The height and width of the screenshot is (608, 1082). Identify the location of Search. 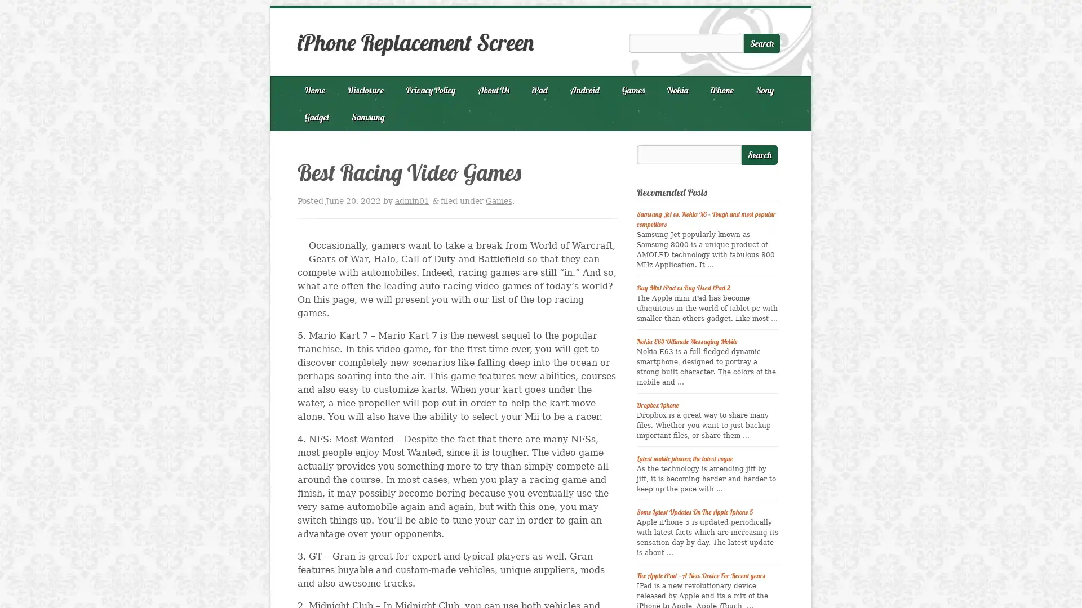
(760, 155).